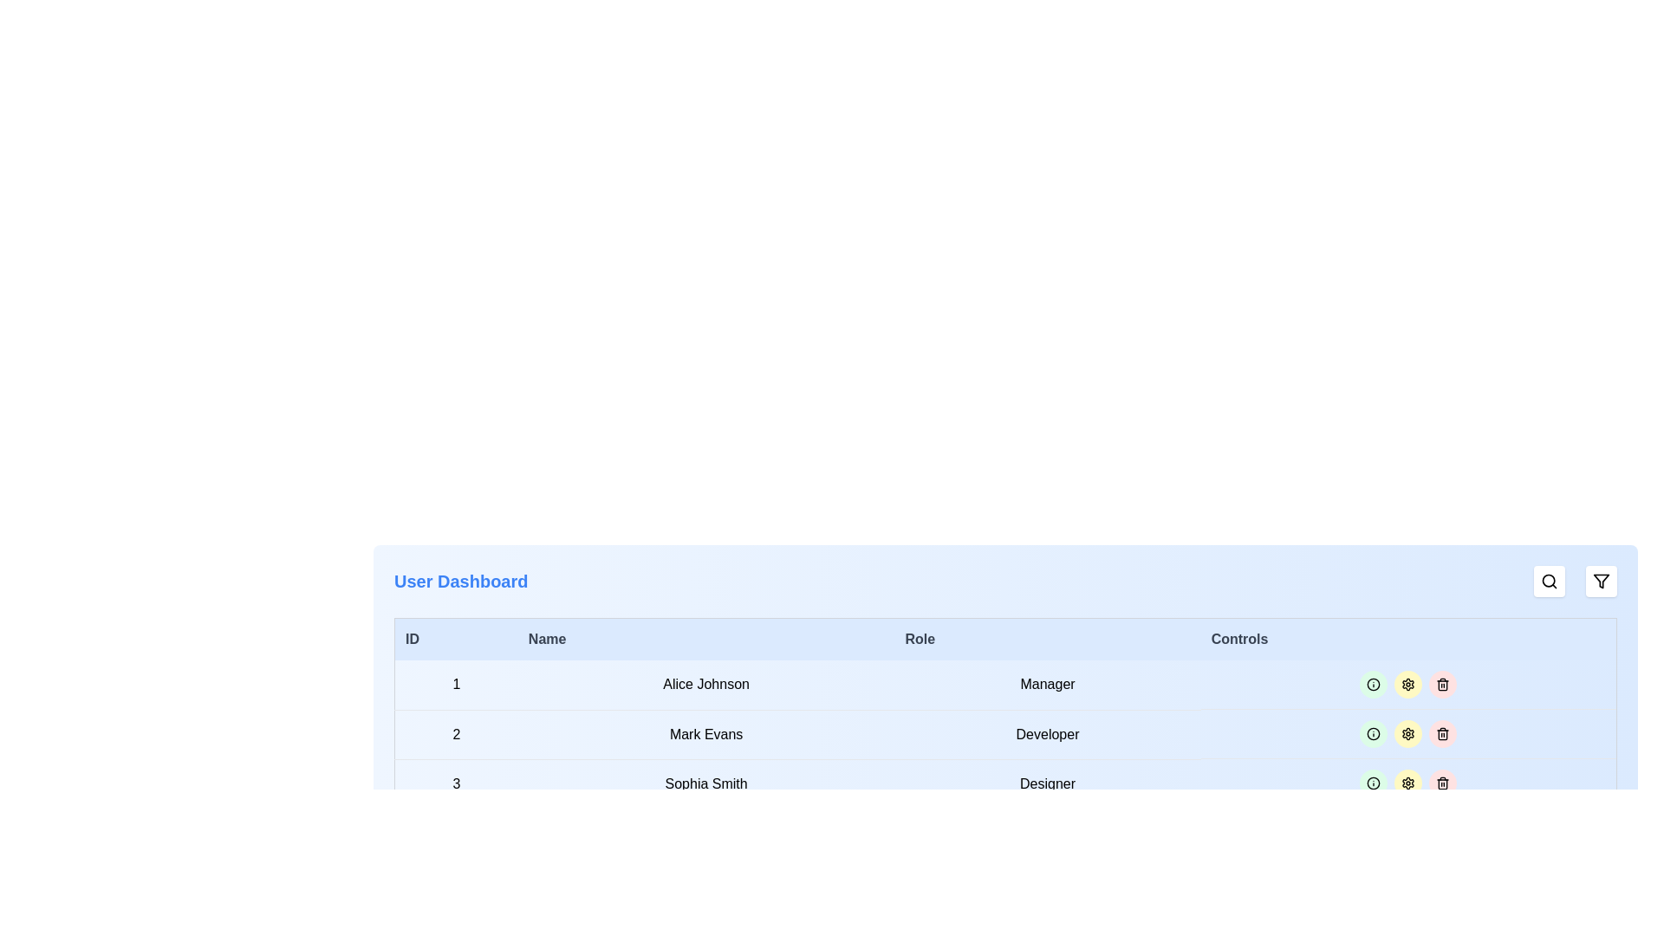 The height and width of the screenshot is (936, 1664). I want to click on the circular button with a yellow background and a gear symbol, so click(1408, 734).